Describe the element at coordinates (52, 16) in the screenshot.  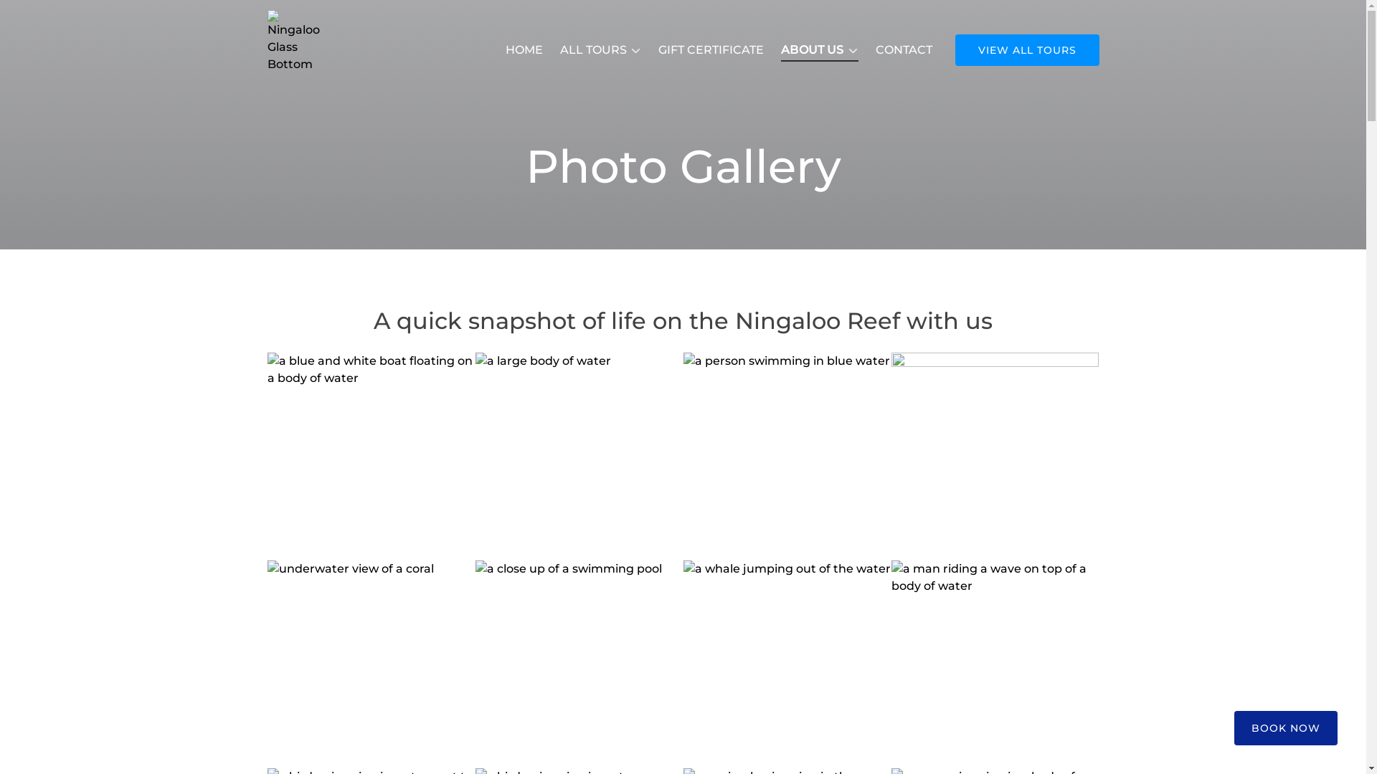
I see `'Skip to content'` at that location.